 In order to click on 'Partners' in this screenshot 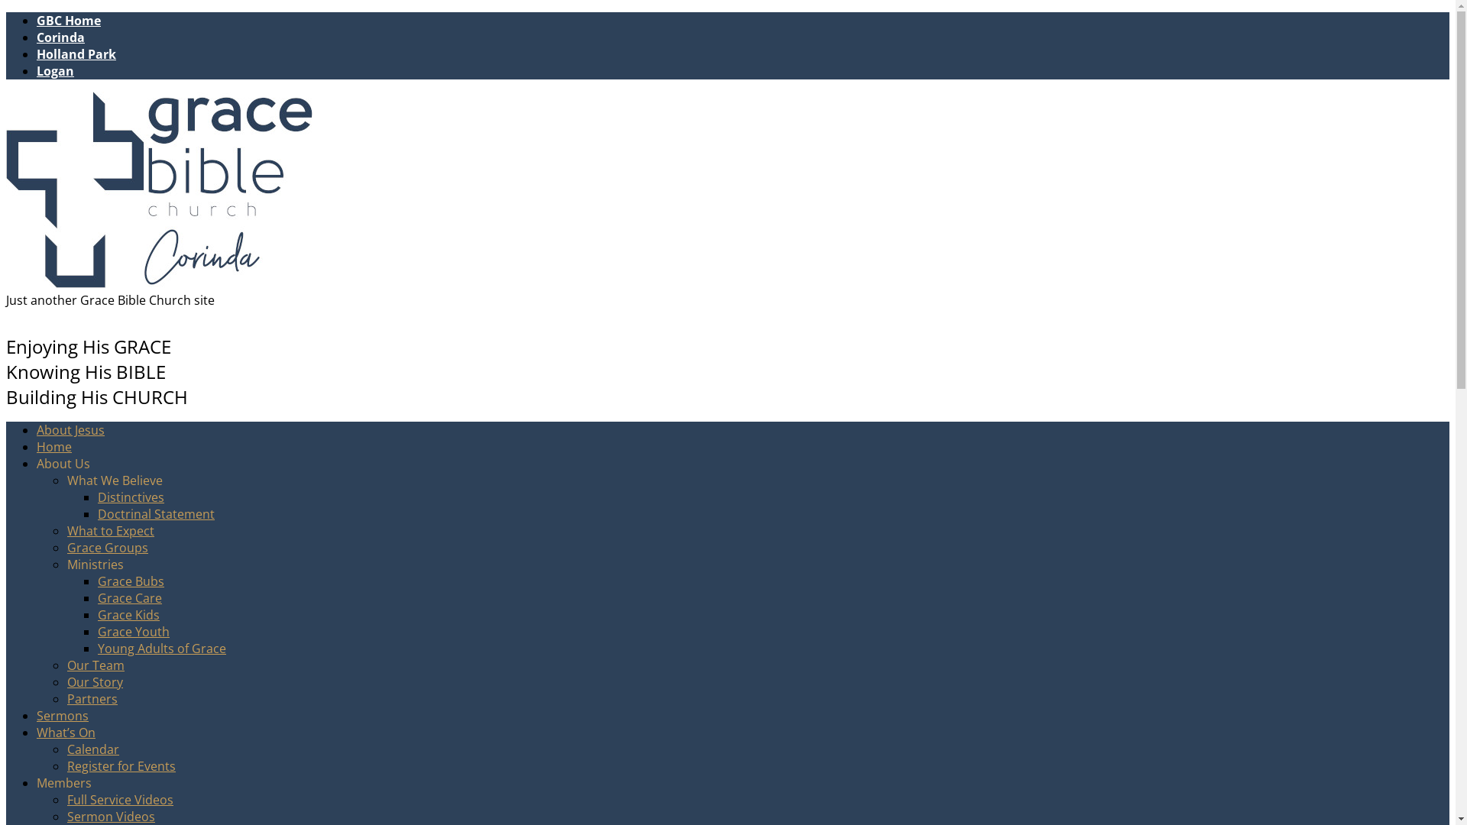, I will do `click(91, 698)`.